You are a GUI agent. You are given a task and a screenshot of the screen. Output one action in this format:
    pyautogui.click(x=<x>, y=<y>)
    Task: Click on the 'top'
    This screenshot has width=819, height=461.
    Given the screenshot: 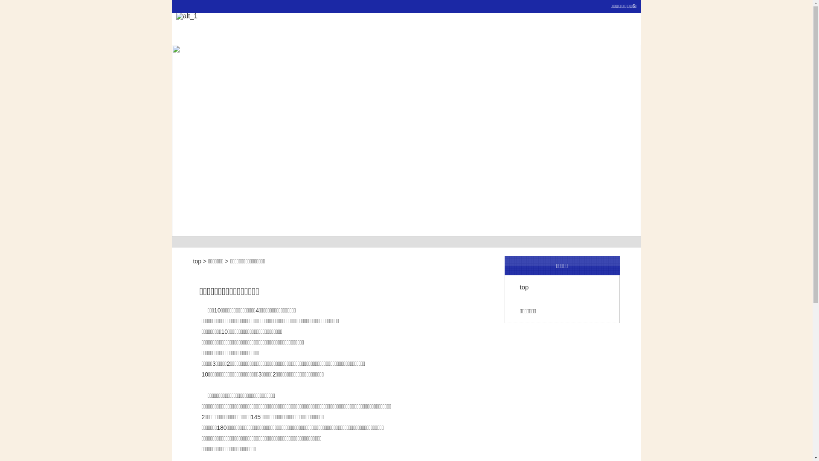 What is the action you would take?
    pyautogui.click(x=196, y=261)
    